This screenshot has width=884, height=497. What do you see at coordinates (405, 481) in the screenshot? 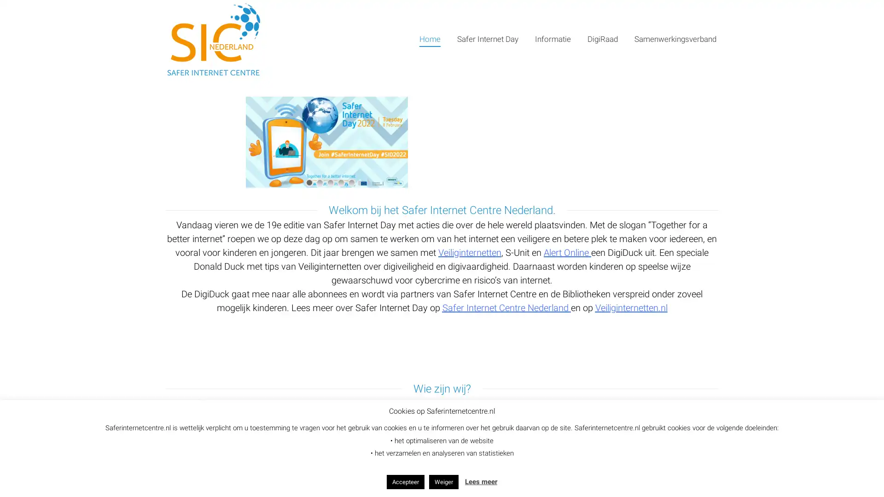
I see `Accepteer` at bounding box center [405, 481].